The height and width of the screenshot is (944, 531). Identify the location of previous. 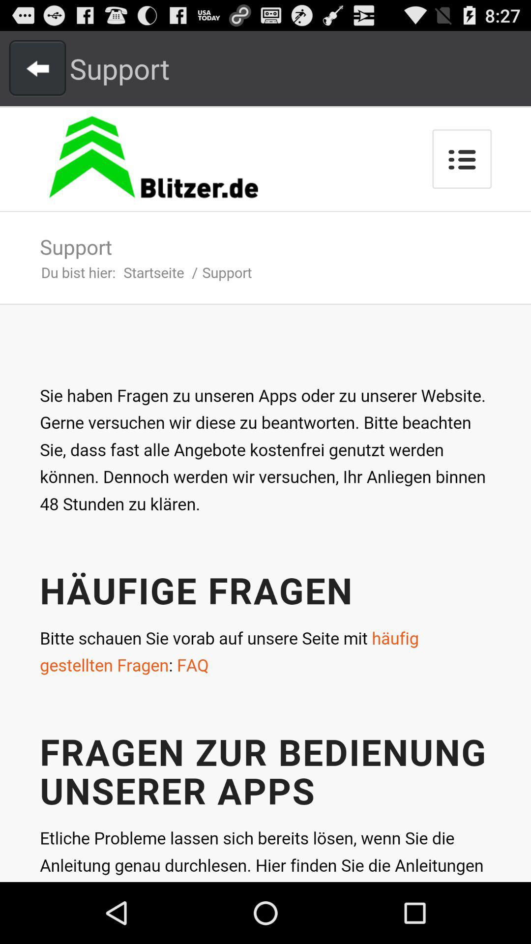
(37, 68).